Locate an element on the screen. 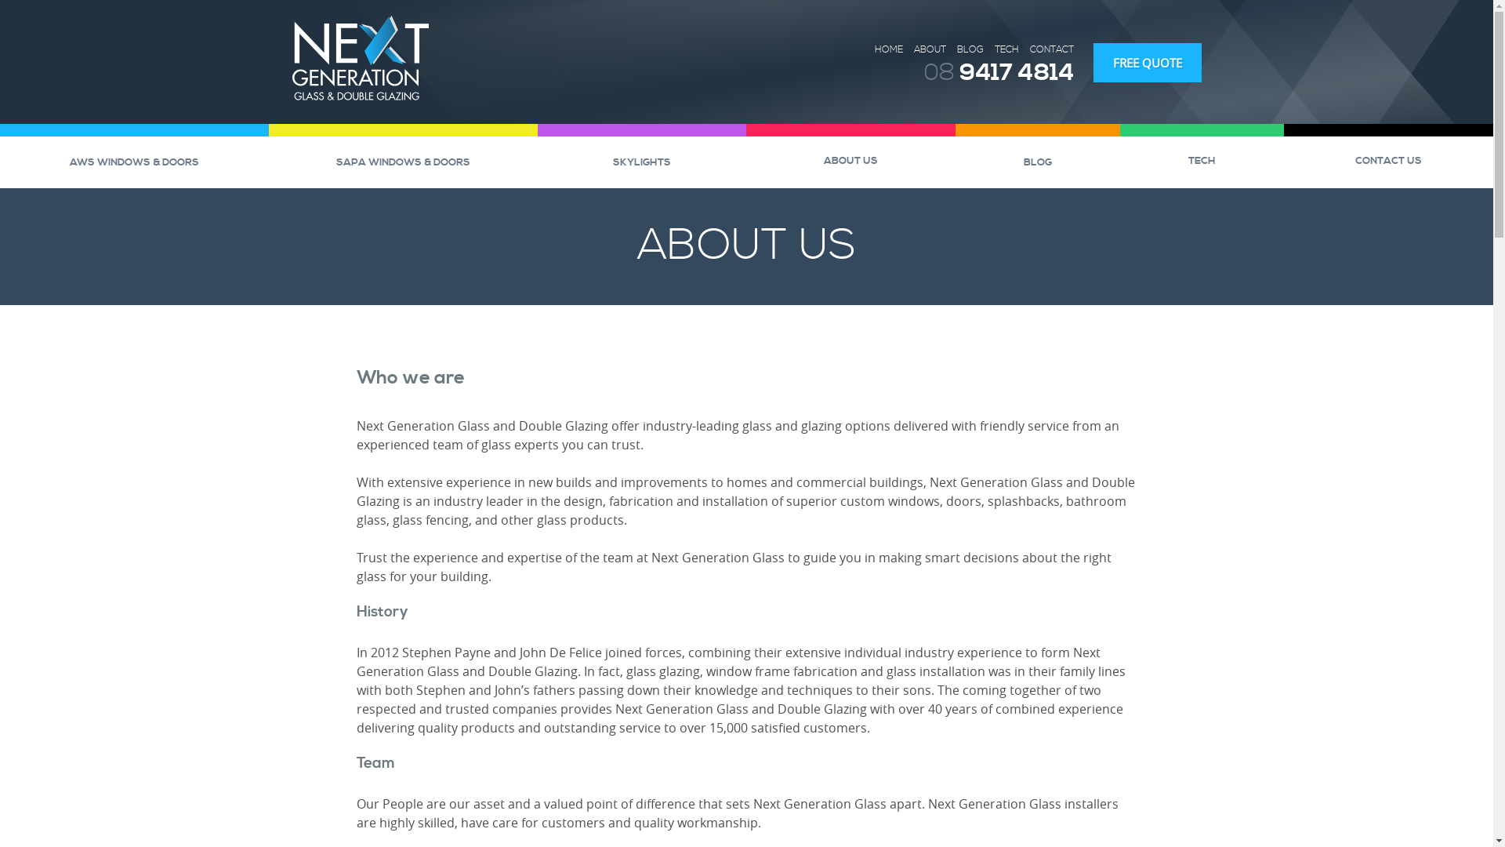 This screenshot has height=847, width=1505. 'CONTACT US' is located at coordinates (1388, 160).